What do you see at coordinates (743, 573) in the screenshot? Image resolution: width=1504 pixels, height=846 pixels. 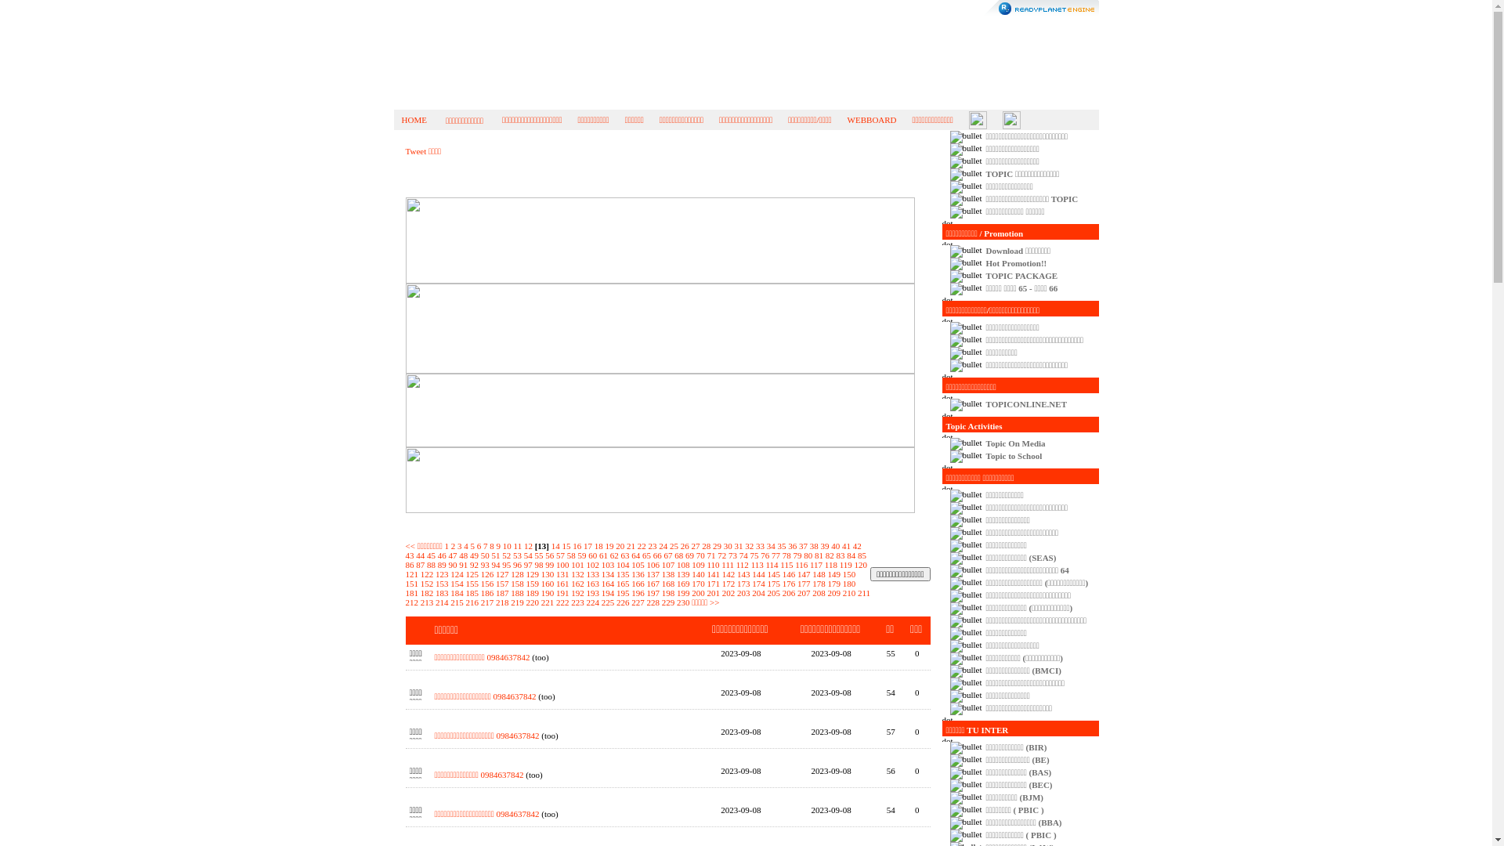 I see `'143'` at bounding box center [743, 573].